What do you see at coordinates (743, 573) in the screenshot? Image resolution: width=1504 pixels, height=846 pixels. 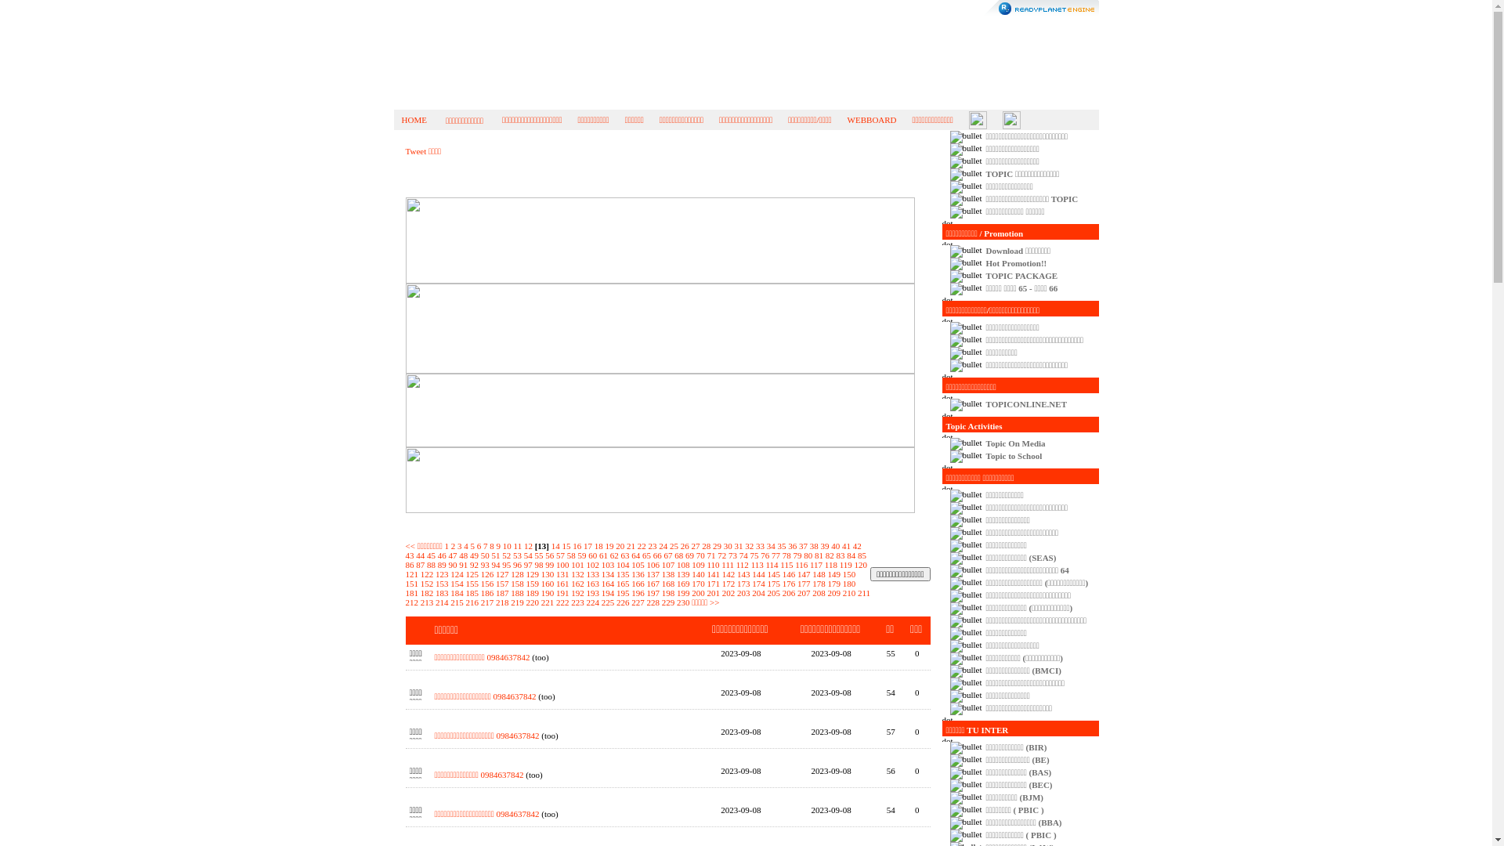 I see `'143'` at bounding box center [743, 573].